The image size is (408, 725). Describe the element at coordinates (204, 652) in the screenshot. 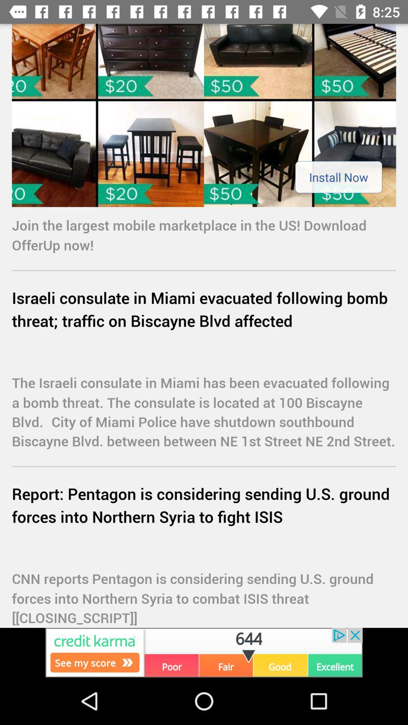

I see `advertisement` at that location.